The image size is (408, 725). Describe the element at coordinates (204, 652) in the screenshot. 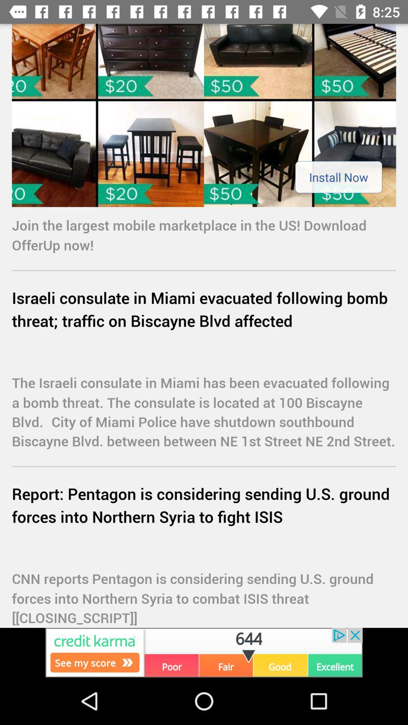

I see `advertisement` at that location.